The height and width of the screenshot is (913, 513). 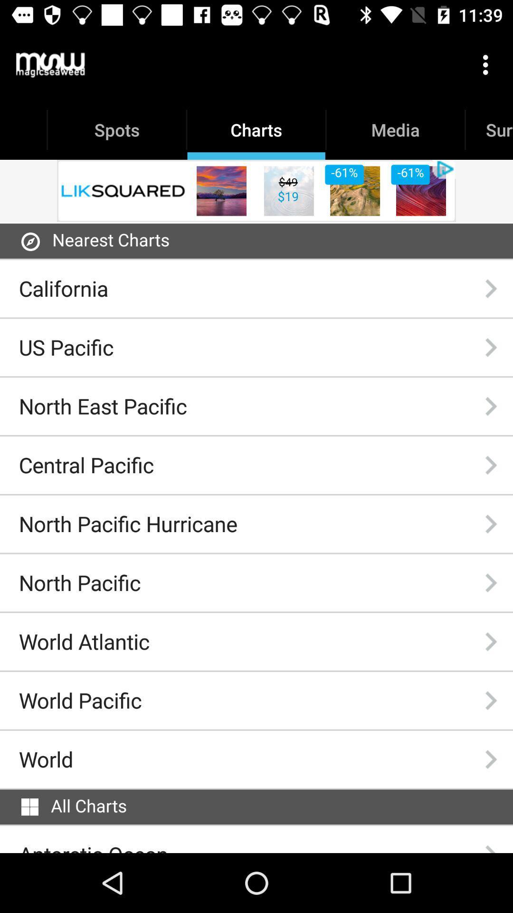 I want to click on the item to the left of the charts, so click(x=50, y=64).